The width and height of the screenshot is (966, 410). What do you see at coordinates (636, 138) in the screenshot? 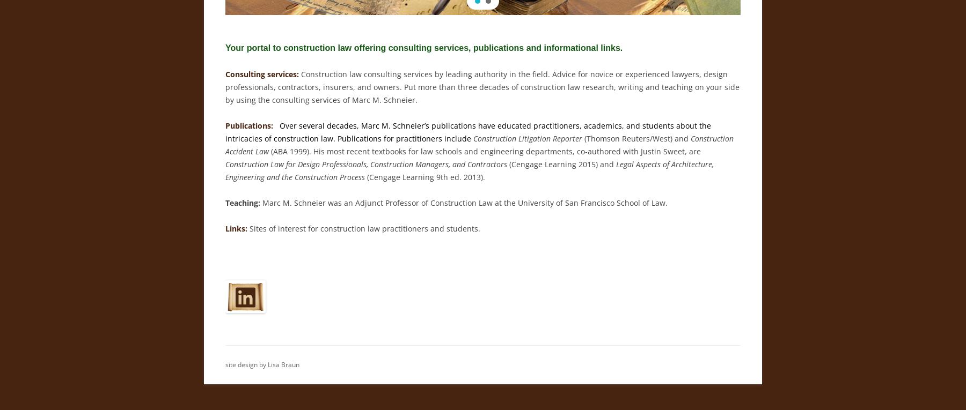
I see `'(Thomson Reuters/West) and'` at bounding box center [636, 138].